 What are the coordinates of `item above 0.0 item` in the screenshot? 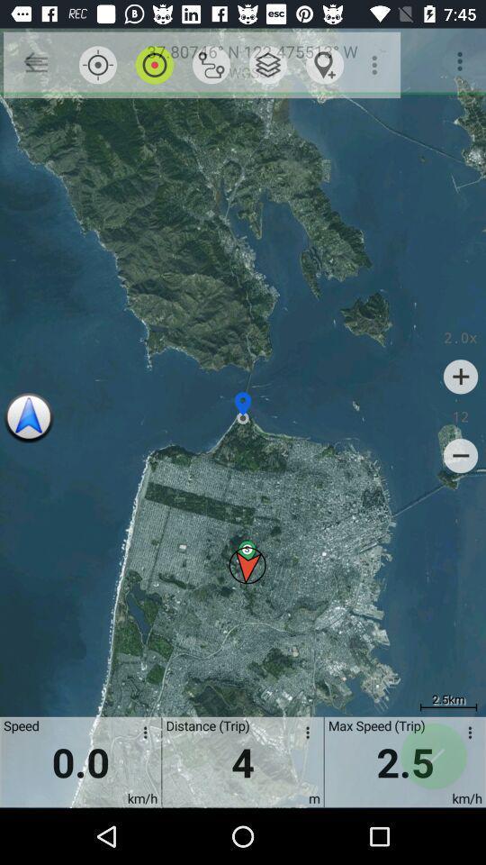 It's located at (155, 65).